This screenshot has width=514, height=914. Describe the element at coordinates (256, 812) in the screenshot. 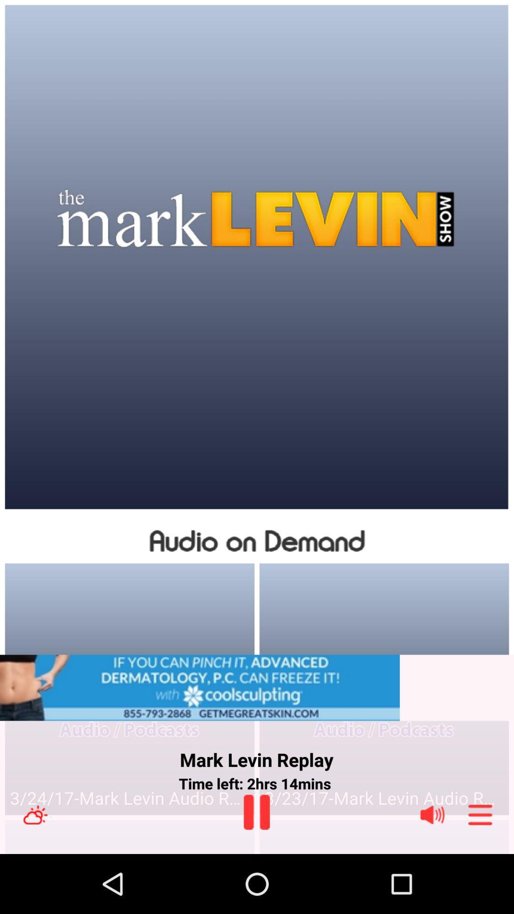

I see `play icon below time left 2hrs 14mins` at that location.